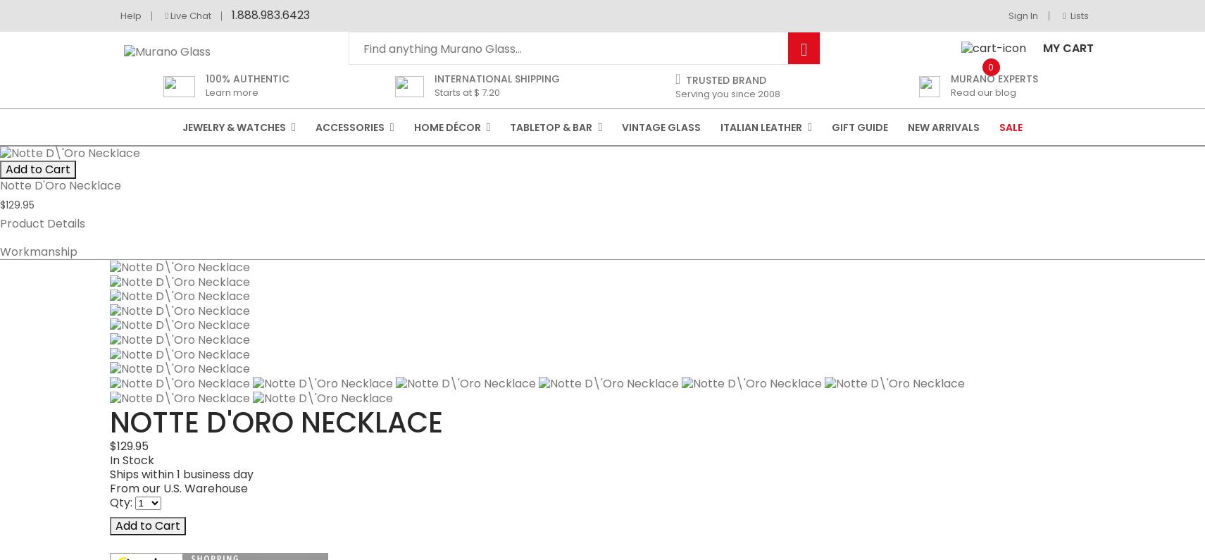 Image resolution: width=1205 pixels, height=560 pixels. Describe the element at coordinates (108, 413) in the screenshot. I see `'Item # :'` at that location.